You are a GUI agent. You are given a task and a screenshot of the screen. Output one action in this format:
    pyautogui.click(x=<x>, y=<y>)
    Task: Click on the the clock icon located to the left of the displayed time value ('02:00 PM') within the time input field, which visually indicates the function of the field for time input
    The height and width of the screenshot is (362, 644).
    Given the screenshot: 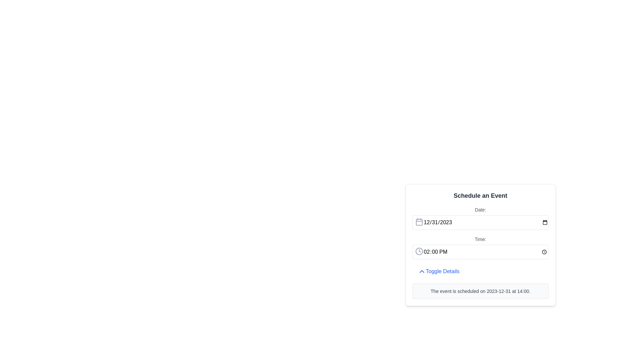 What is the action you would take?
    pyautogui.click(x=419, y=251)
    